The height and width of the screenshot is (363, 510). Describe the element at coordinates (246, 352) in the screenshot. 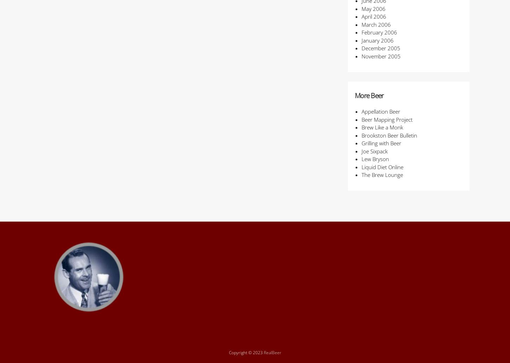

I see `'Copyright © 2023'` at that location.